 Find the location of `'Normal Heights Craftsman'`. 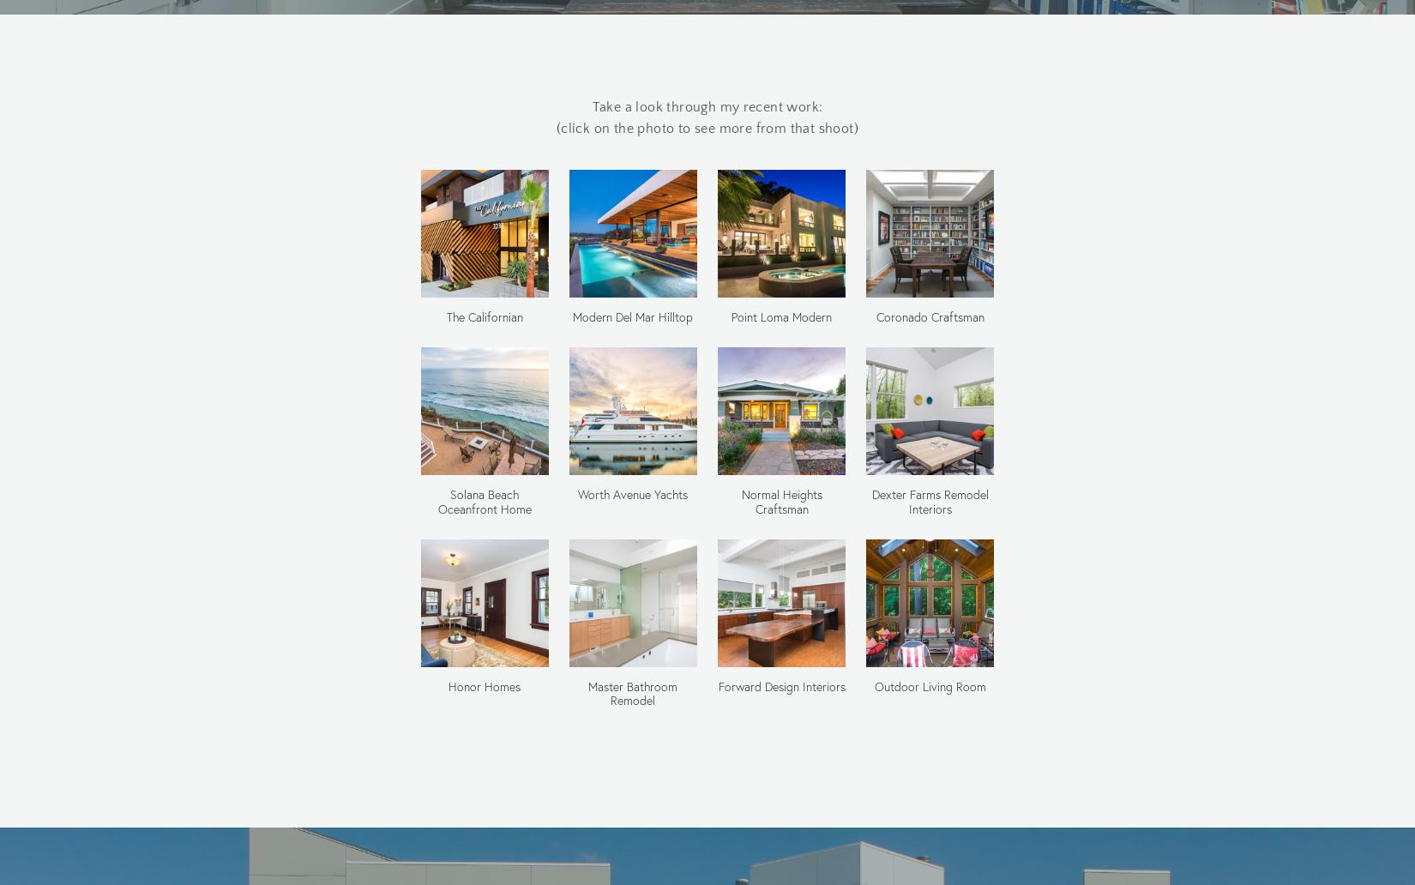

'Normal Heights Craftsman' is located at coordinates (740, 501).